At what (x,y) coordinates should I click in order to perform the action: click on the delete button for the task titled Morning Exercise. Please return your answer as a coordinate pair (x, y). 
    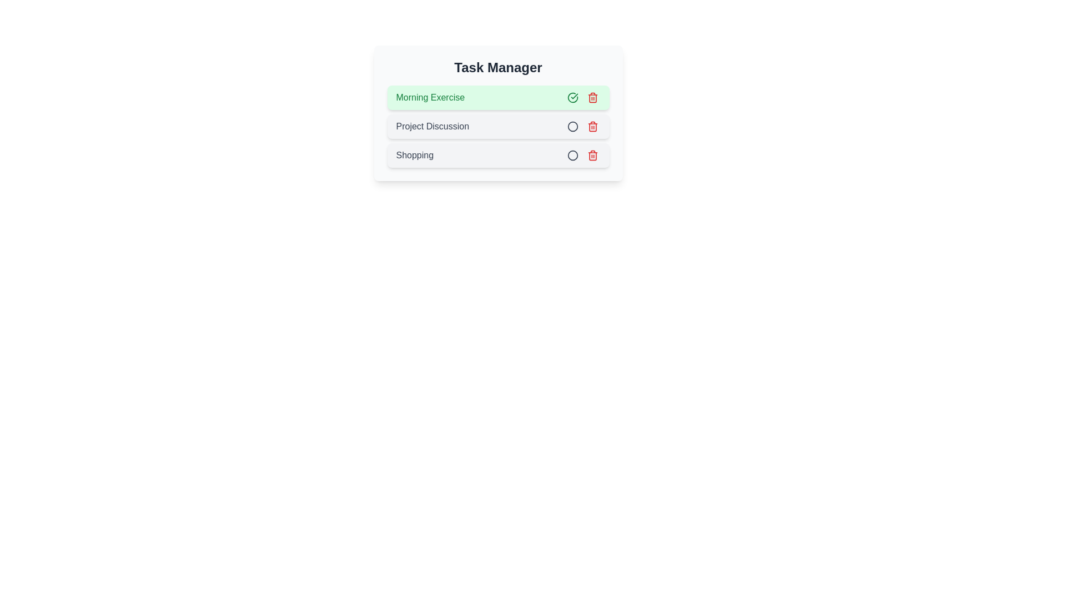
    Looking at the image, I should click on (592, 97).